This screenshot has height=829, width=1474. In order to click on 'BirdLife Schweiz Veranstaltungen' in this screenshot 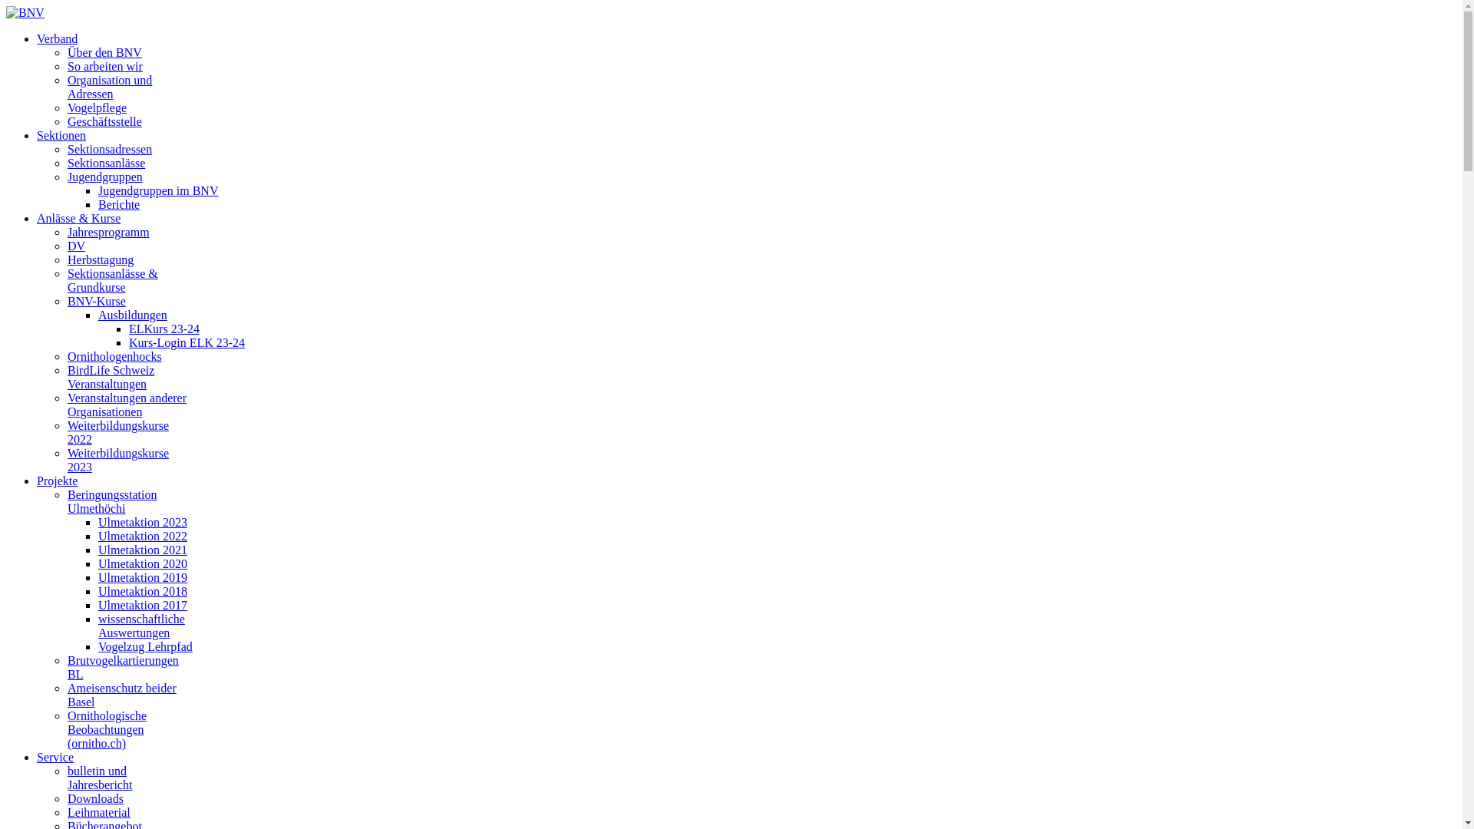, I will do `click(110, 377)`.